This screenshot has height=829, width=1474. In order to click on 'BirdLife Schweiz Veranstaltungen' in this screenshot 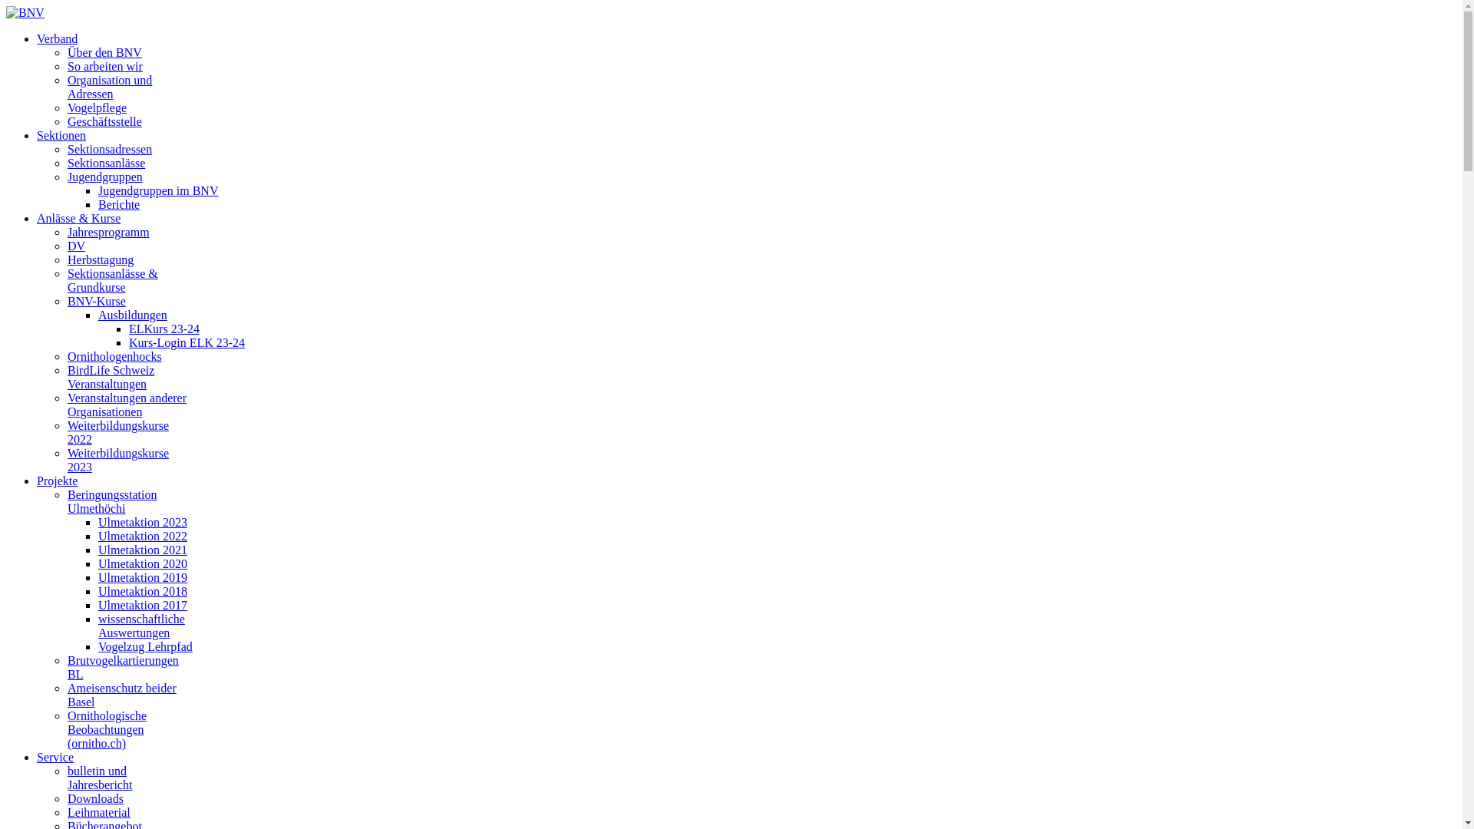, I will do `click(110, 377)`.